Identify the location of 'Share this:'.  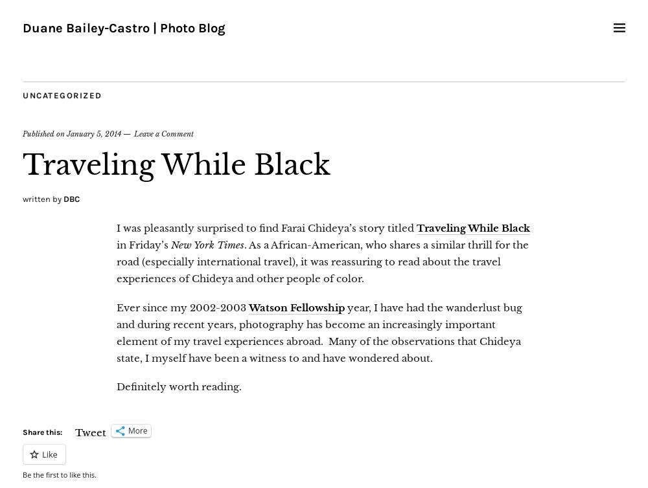
(41, 430).